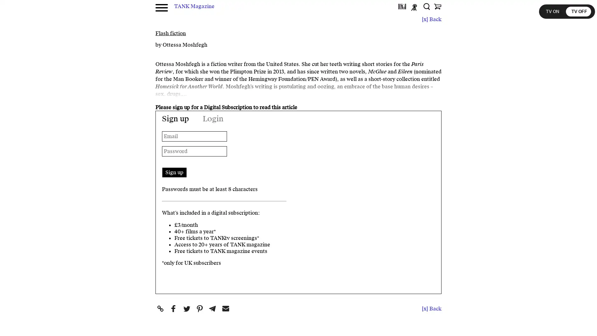 This screenshot has width=597, height=336. What do you see at coordinates (426, 6) in the screenshot?
I see `Search` at bounding box center [426, 6].